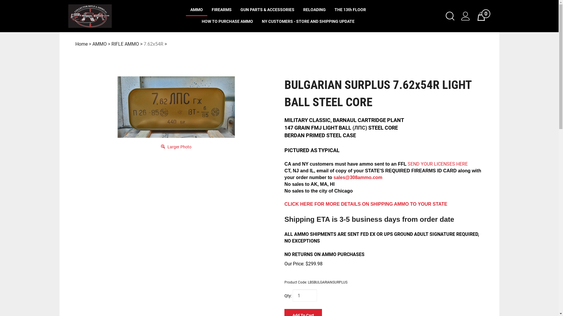  What do you see at coordinates (314, 10) in the screenshot?
I see `'RELOADING'` at bounding box center [314, 10].